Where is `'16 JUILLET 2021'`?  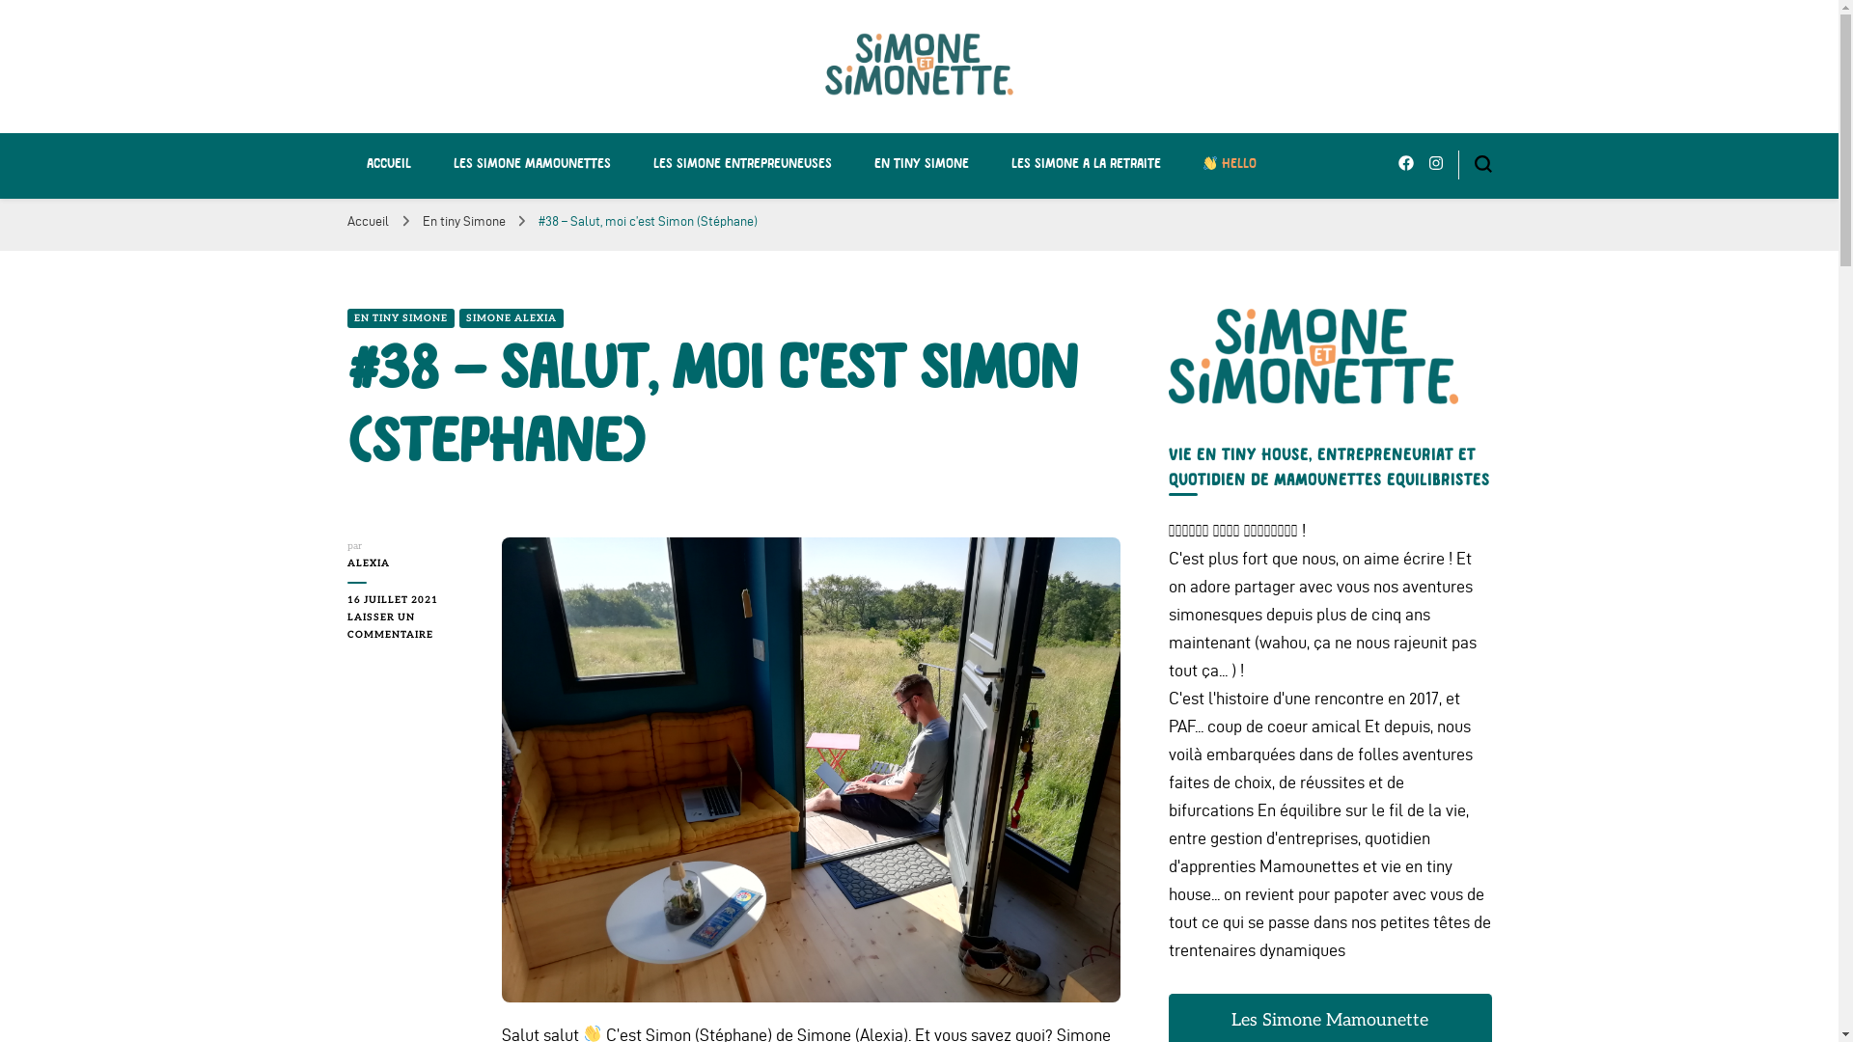
'16 JUILLET 2021' is located at coordinates (409, 598).